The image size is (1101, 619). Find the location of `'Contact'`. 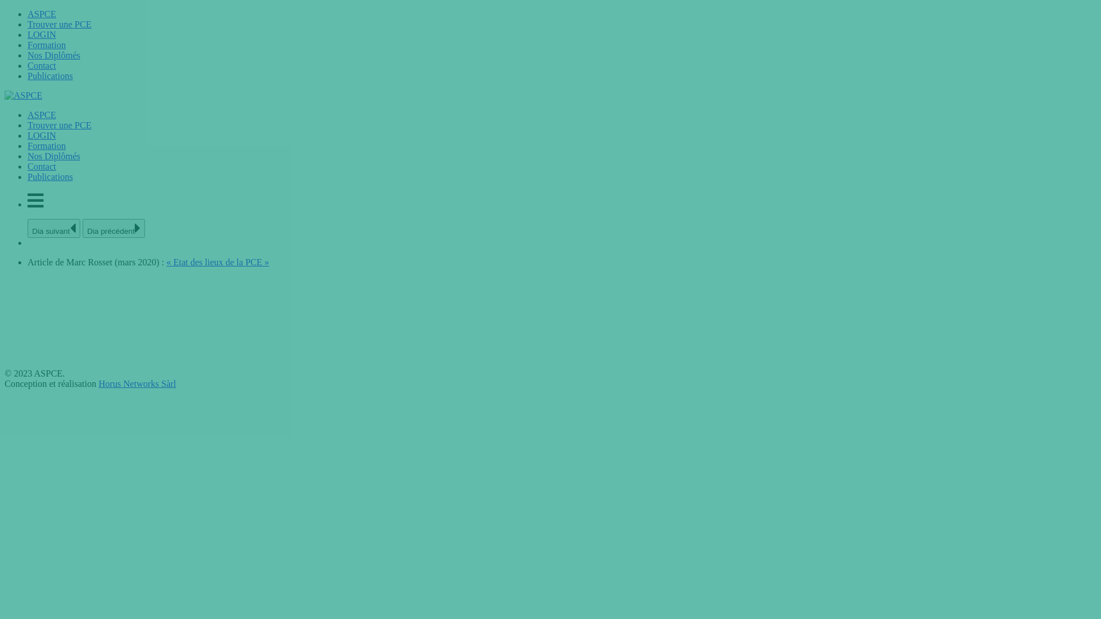

'Contact' is located at coordinates (28, 65).